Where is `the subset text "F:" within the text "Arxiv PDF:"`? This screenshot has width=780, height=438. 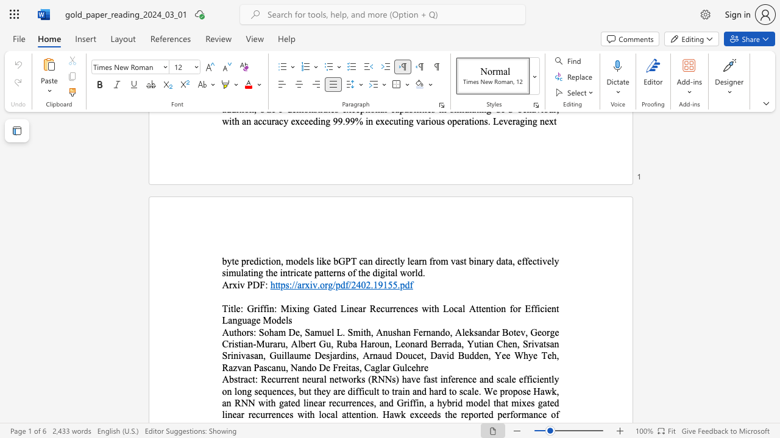
the subset text "F:" within the text "Arxiv PDF:" is located at coordinates (259, 285).